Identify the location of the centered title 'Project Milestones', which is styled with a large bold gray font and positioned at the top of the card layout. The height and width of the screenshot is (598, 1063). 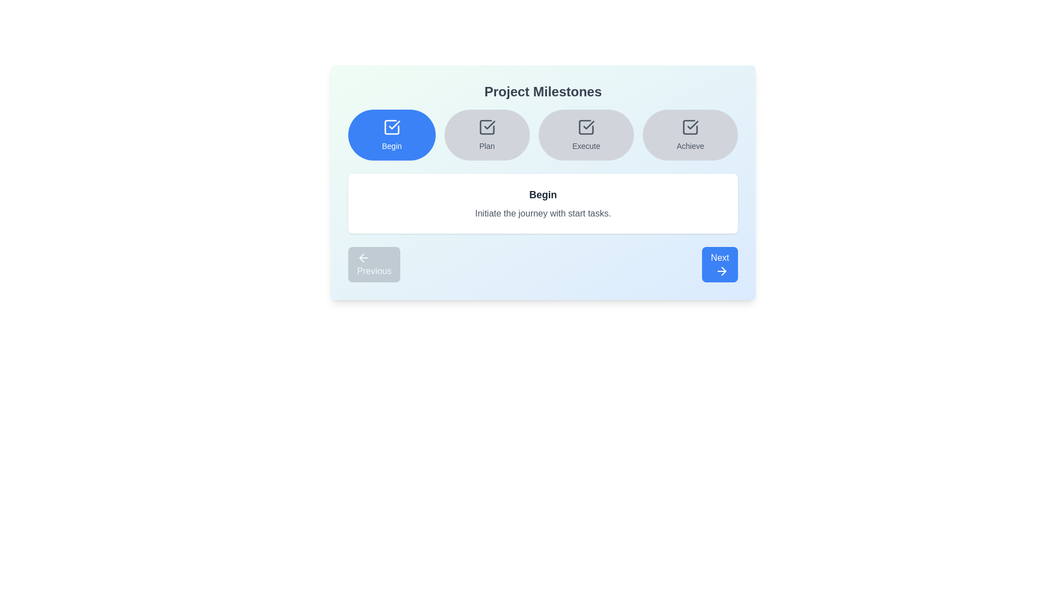
(543, 91).